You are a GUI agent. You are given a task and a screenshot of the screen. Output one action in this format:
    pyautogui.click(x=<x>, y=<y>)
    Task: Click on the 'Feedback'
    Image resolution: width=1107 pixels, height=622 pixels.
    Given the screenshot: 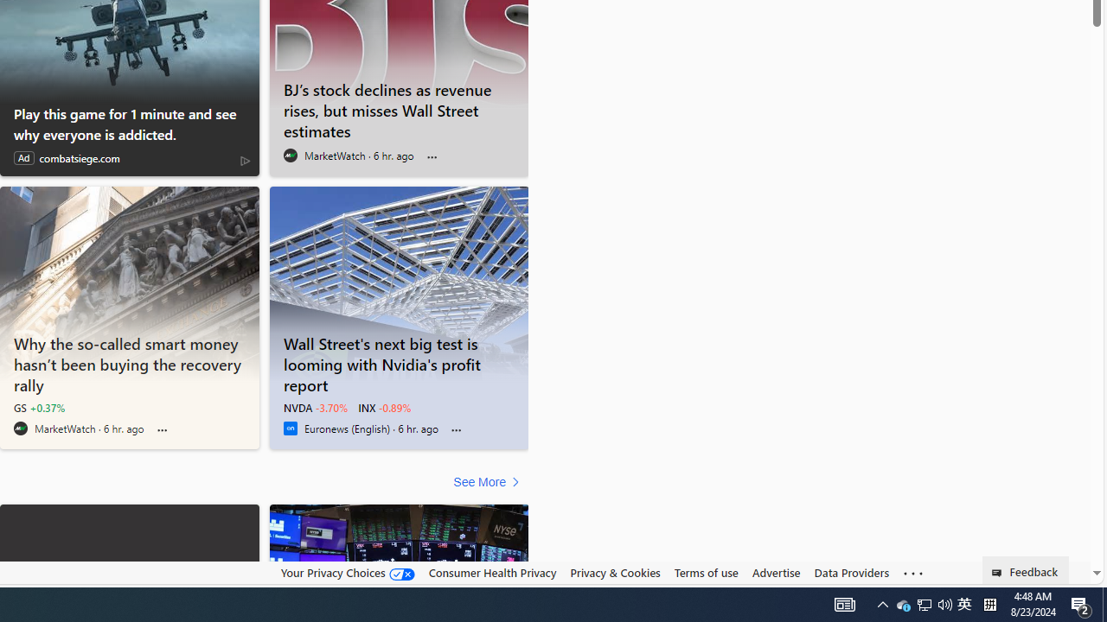 What is the action you would take?
    pyautogui.click(x=1026, y=569)
    